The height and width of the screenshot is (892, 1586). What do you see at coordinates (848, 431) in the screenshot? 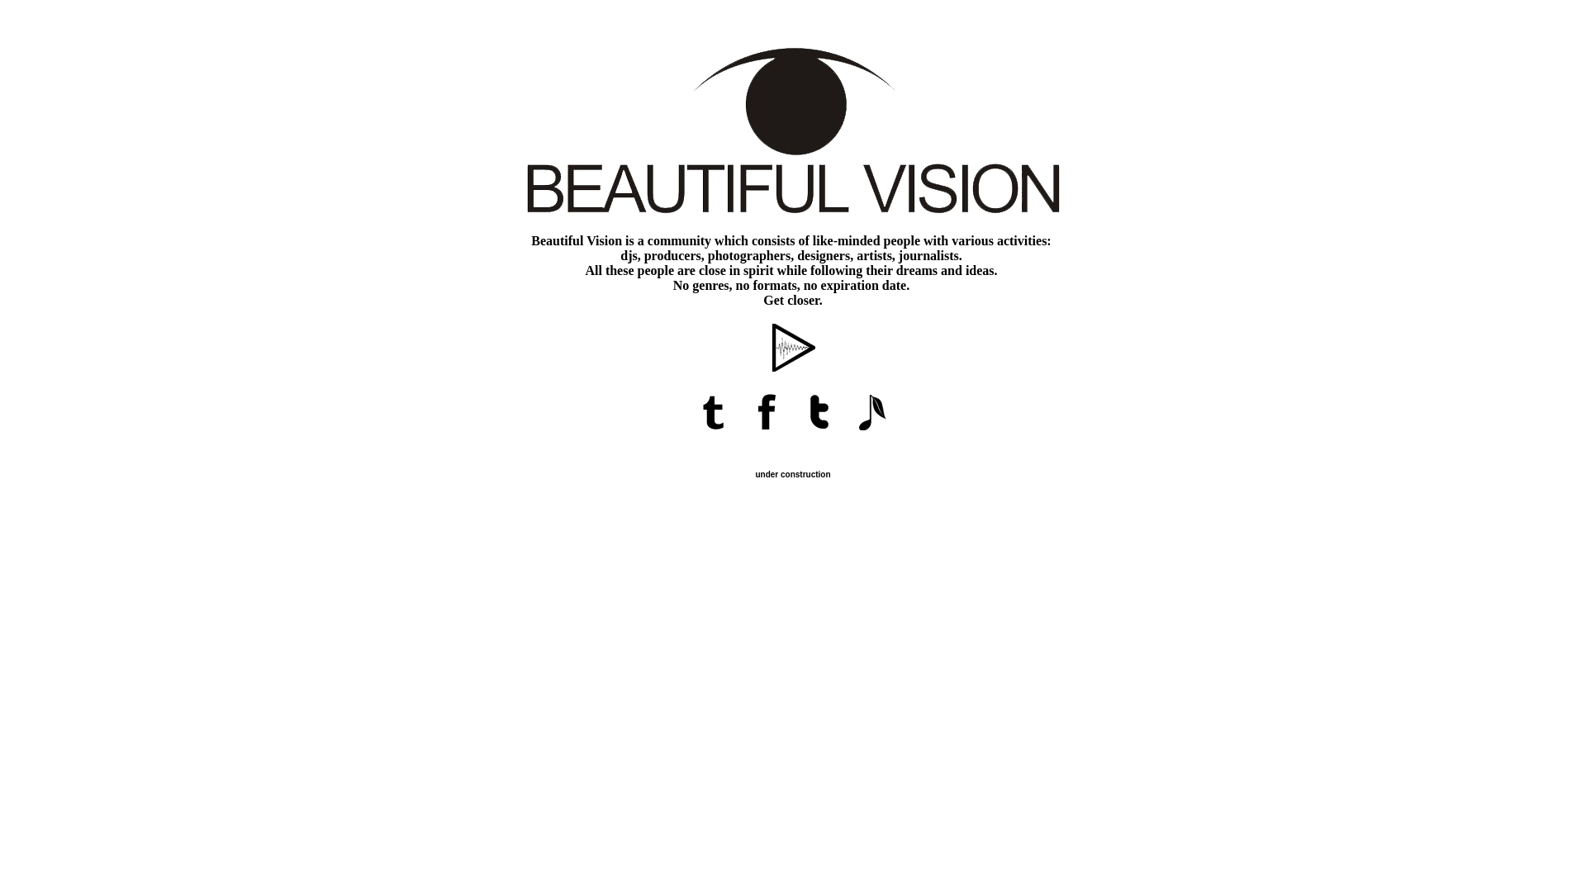
I see `'Beautiful Vision on Official.fm'` at bounding box center [848, 431].